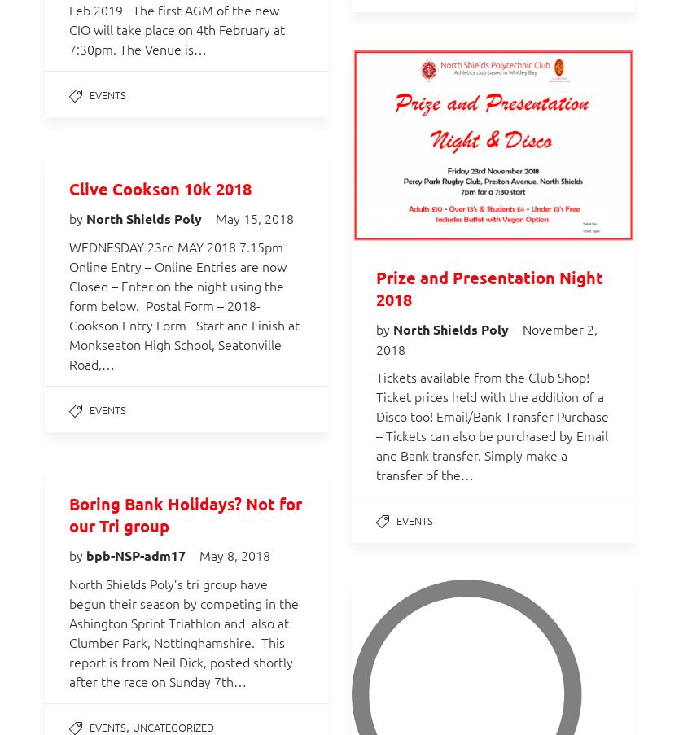  I want to click on 'WEDNESDAY 23rd MAY 2018 7.15pm  Online Entry – Online Entries are now Closed – Enter on the night using the form below.  Postal Form – 2018-Cookson Entry Form   Start and Finish at Monkseaton High School, Seatonville Road,…', so click(69, 305).